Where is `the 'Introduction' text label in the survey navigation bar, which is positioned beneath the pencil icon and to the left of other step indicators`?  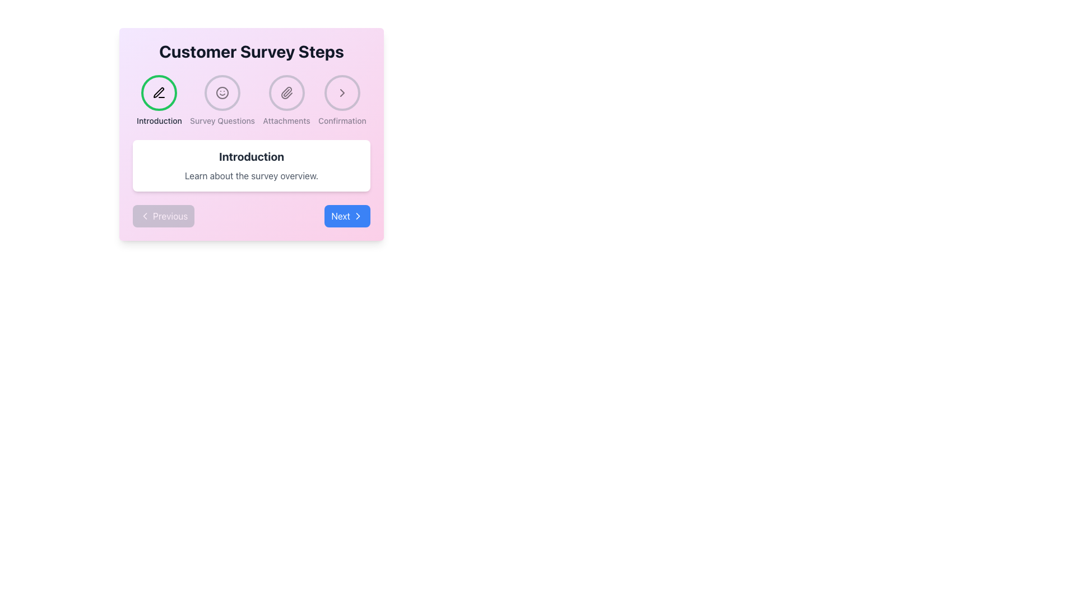
the 'Introduction' text label in the survey navigation bar, which is positioned beneath the pencil icon and to the left of other step indicators is located at coordinates (159, 121).